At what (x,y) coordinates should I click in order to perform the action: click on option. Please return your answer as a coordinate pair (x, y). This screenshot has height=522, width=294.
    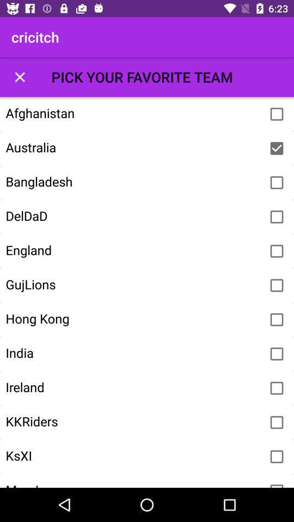
    Looking at the image, I should click on (277, 353).